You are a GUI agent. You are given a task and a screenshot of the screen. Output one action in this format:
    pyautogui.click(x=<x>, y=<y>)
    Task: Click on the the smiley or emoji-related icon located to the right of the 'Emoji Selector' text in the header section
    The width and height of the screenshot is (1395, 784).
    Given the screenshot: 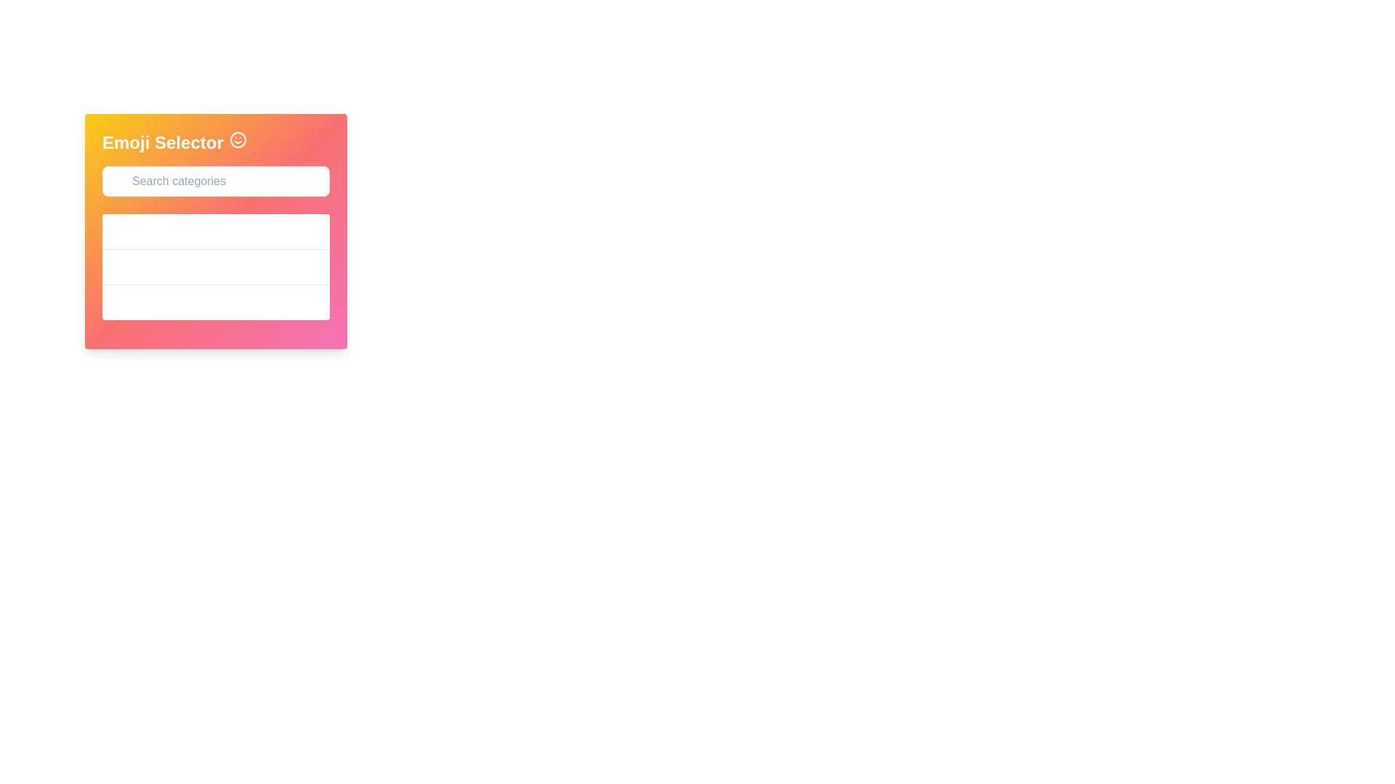 What is the action you would take?
    pyautogui.click(x=238, y=139)
    